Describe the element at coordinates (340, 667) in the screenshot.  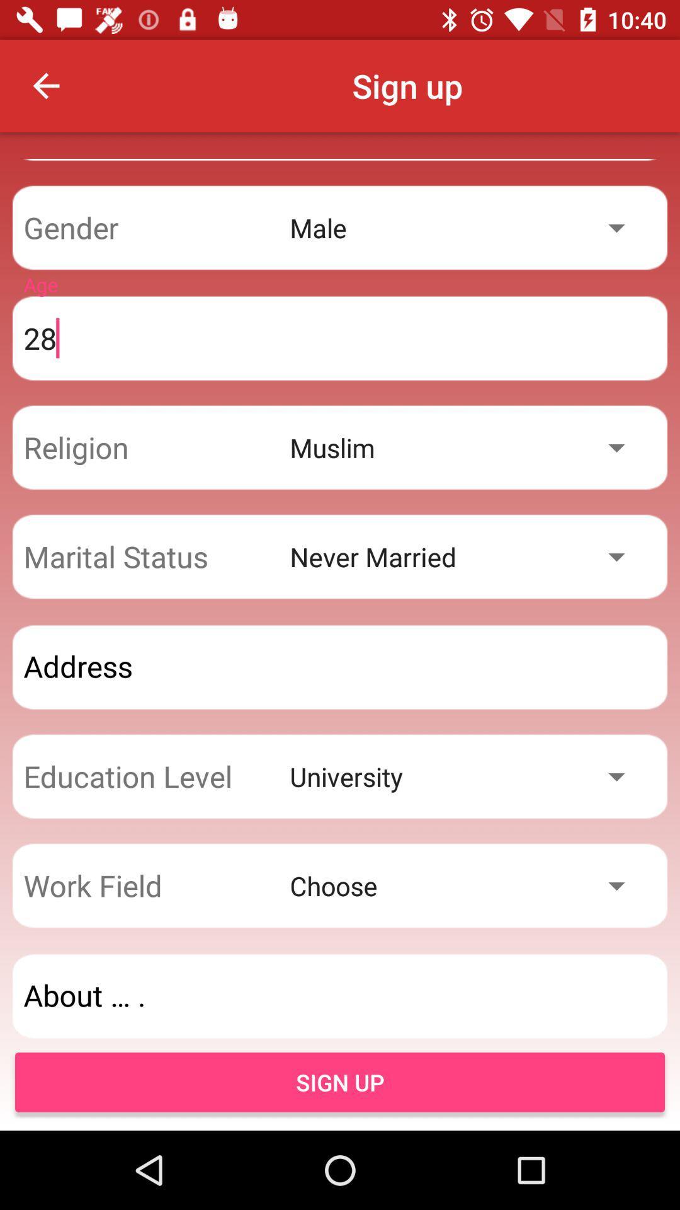
I see `text box` at that location.